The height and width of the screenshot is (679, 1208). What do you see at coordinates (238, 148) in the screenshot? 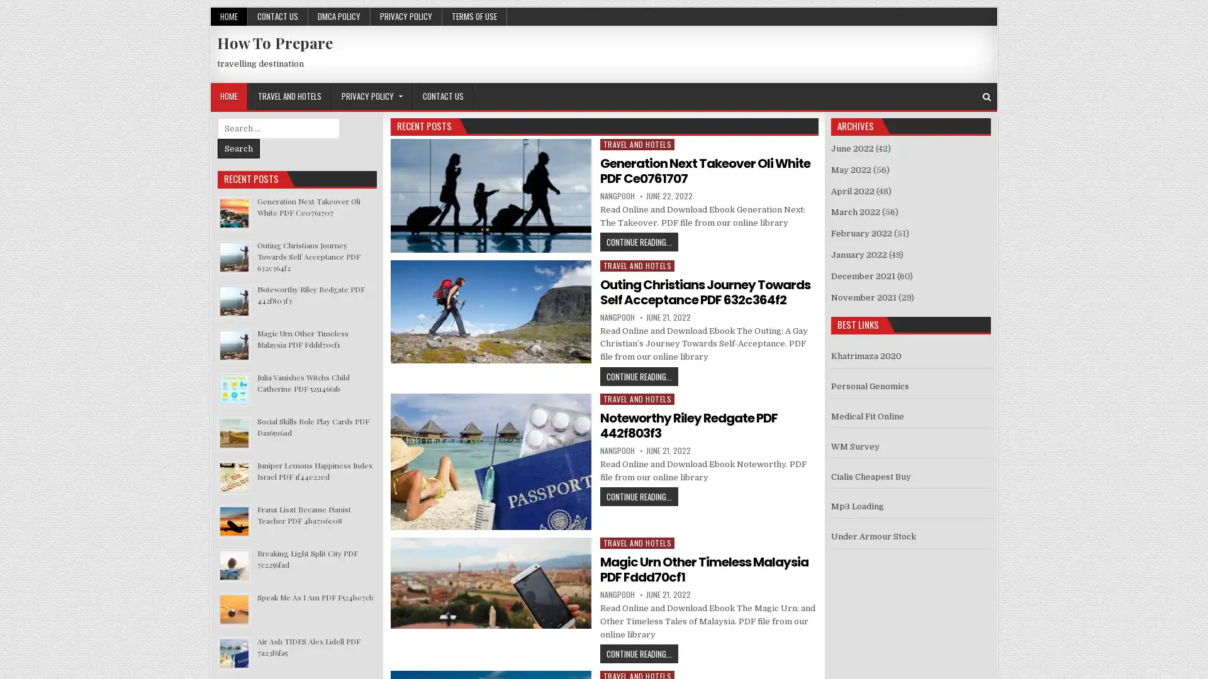
I see `Search` at bounding box center [238, 148].